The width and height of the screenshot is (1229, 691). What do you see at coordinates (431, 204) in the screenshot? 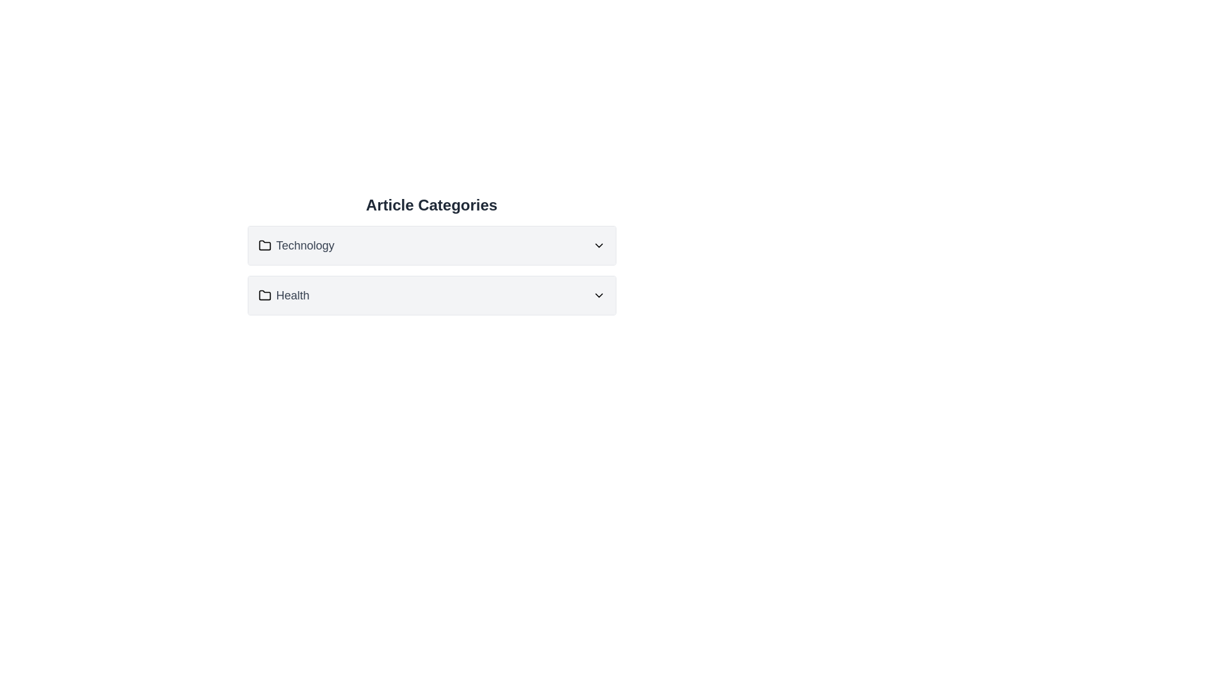
I see `the 'Article Categories' header text, which is a bold and larger font styled in dark gray, located at the top of the content section and centered horizontally` at bounding box center [431, 204].